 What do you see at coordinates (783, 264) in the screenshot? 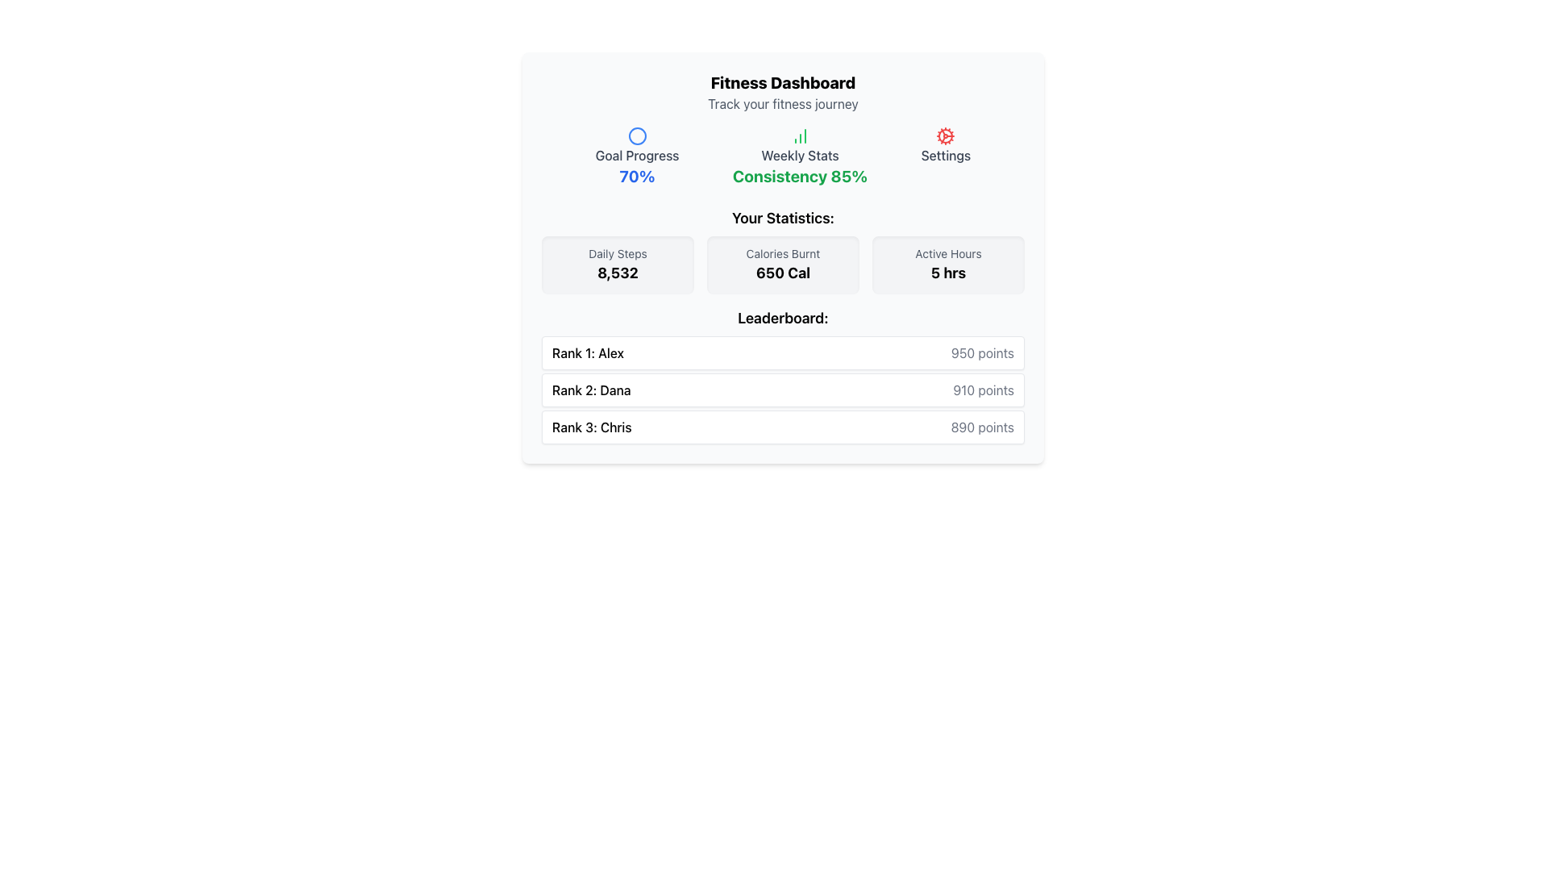
I see `the Grid Layout with Text Content that displays fitness statistics, specifically located beneath the 'Your Statistics' section` at bounding box center [783, 264].